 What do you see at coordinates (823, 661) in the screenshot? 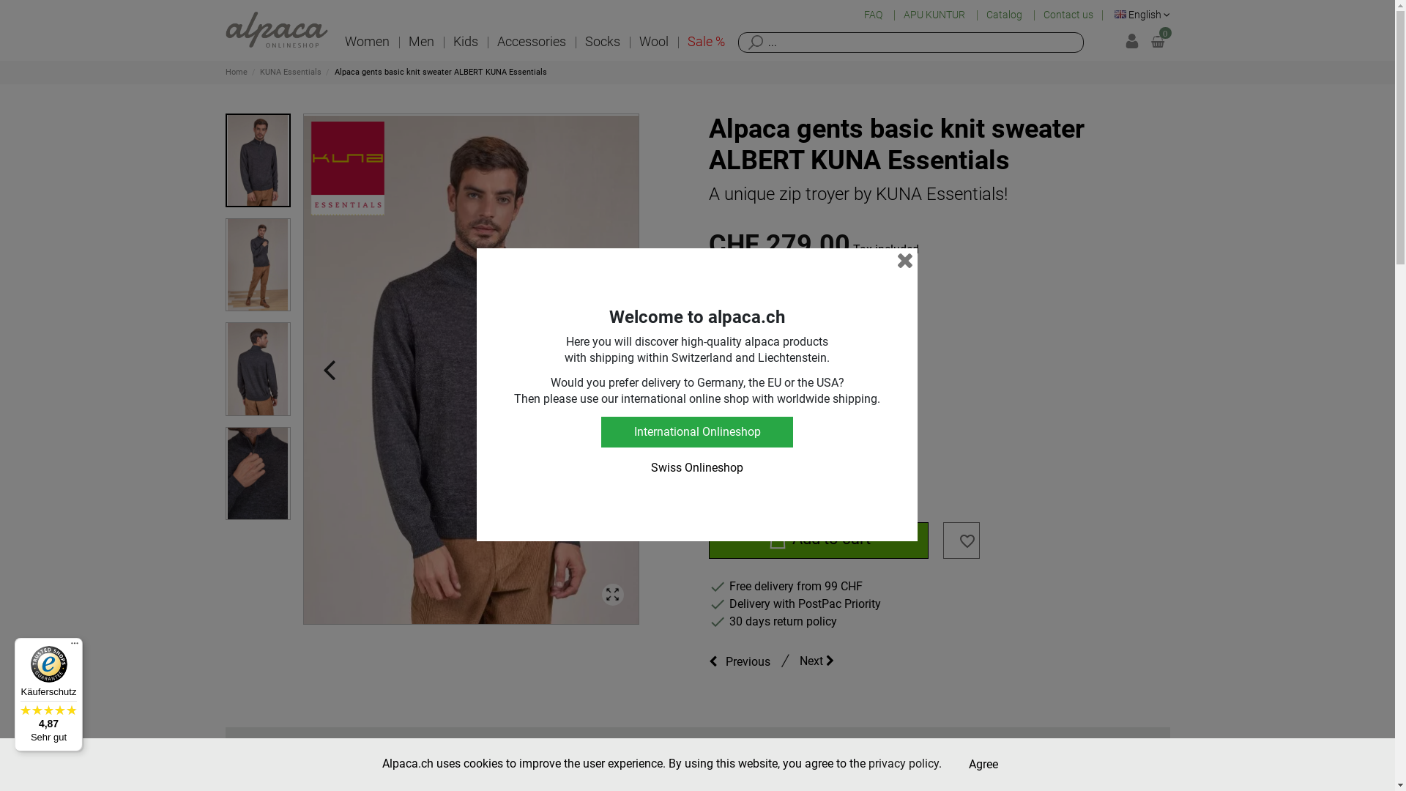
I see `'Next'` at bounding box center [823, 661].